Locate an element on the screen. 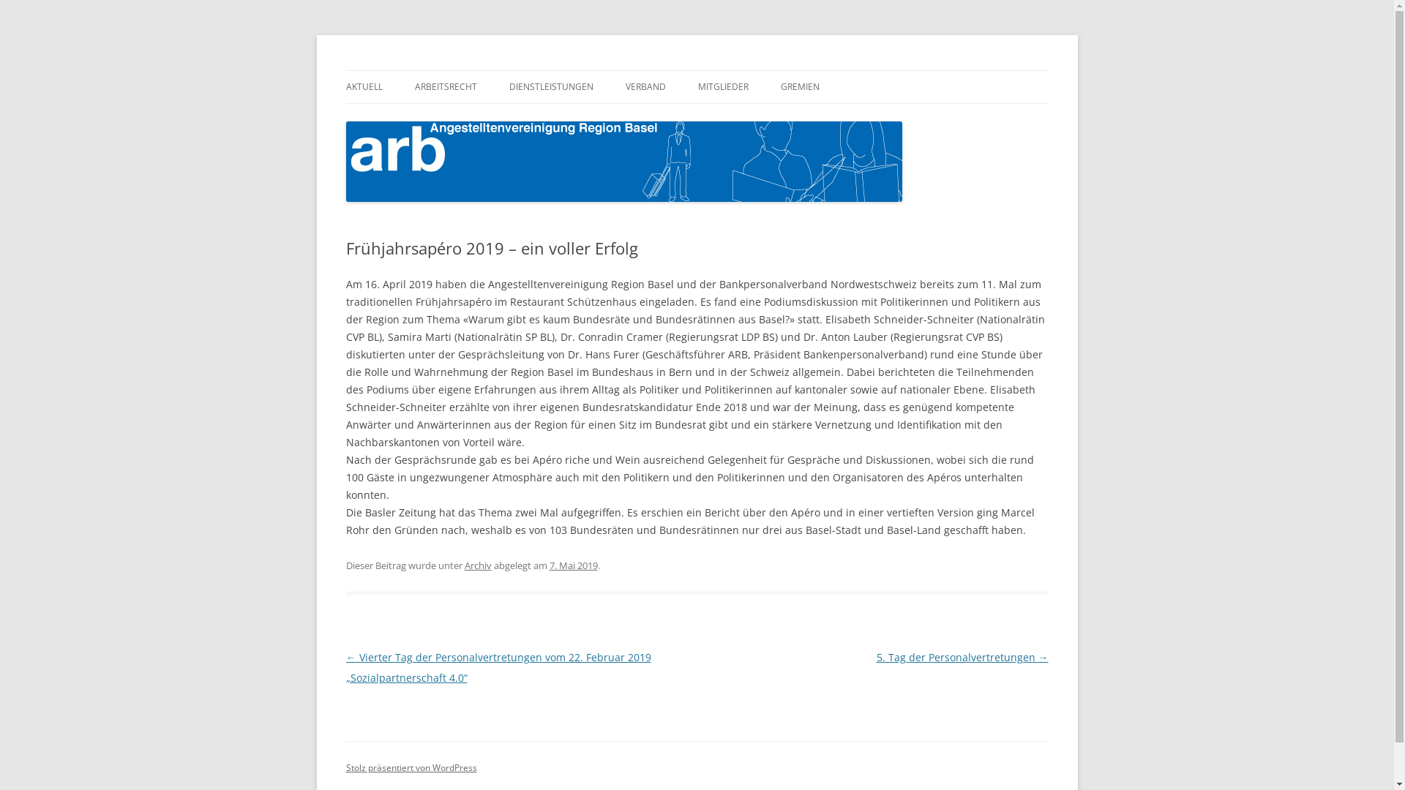 The height and width of the screenshot is (790, 1405). 'JAHRESBERICHTE' is located at coordinates (697, 117).